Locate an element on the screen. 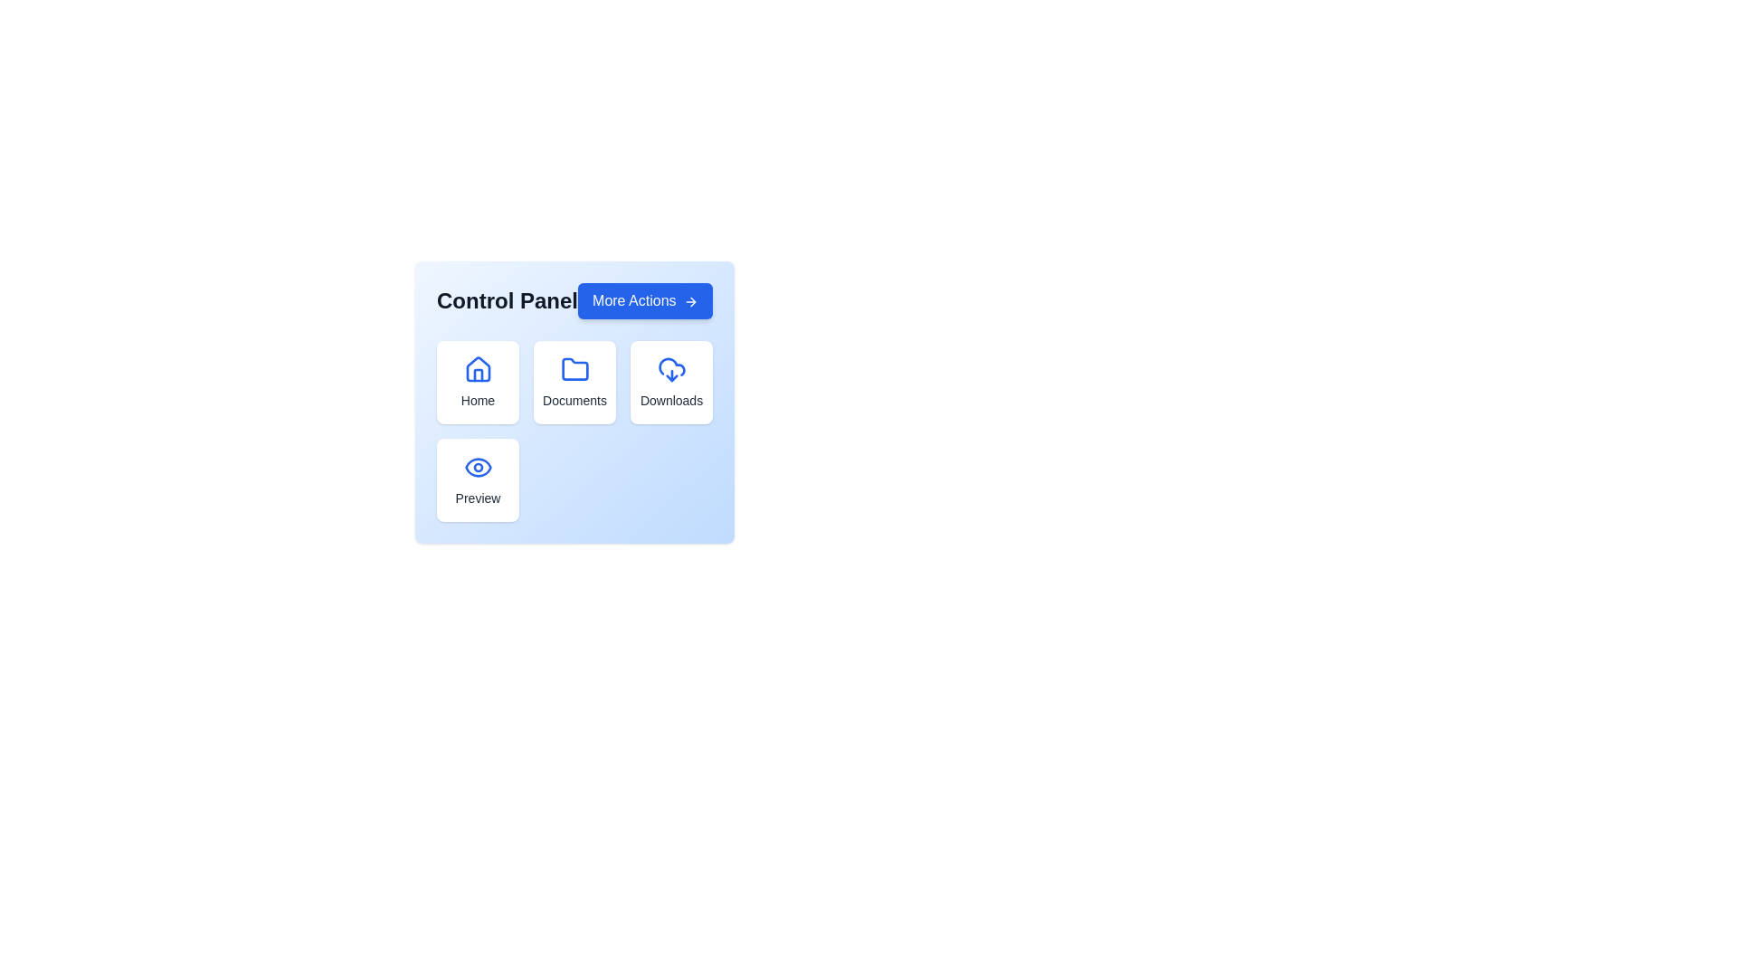  the Downloads icon, which is represented by a downward-pointing arrow connected to a rectangle, located in the rightmost position of the second row in the Control Panel is located at coordinates (668, 375).